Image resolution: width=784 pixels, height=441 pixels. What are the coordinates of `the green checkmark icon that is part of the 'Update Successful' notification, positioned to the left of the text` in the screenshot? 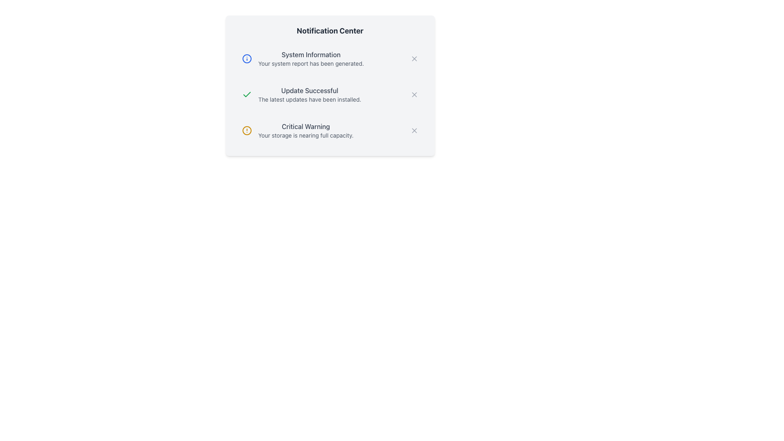 It's located at (246, 94).